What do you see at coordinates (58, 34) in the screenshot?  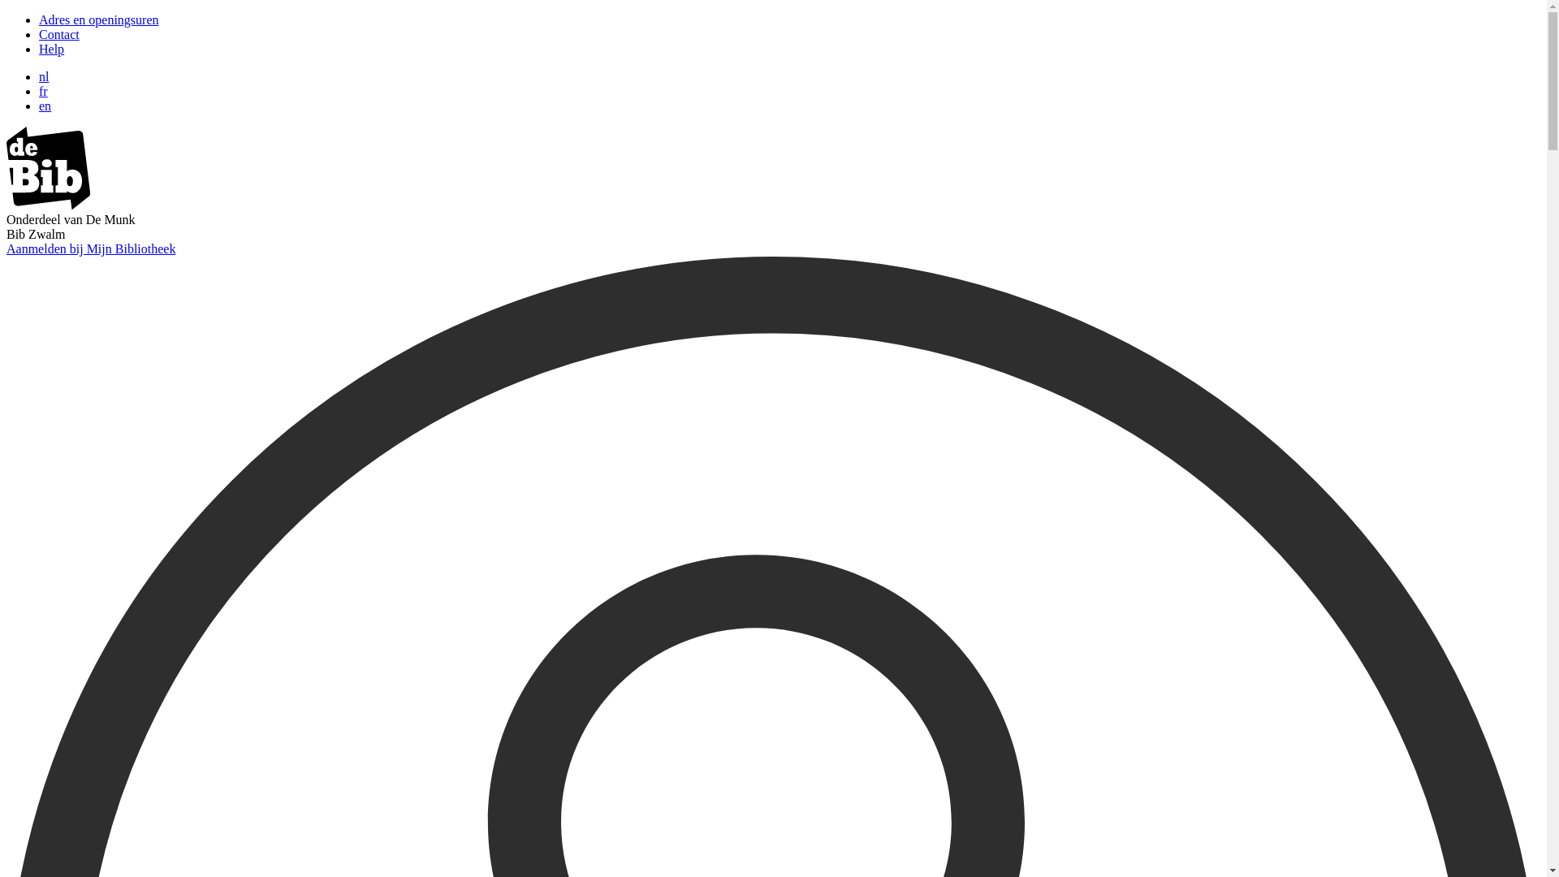 I see `'Contact'` at bounding box center [58, 34].